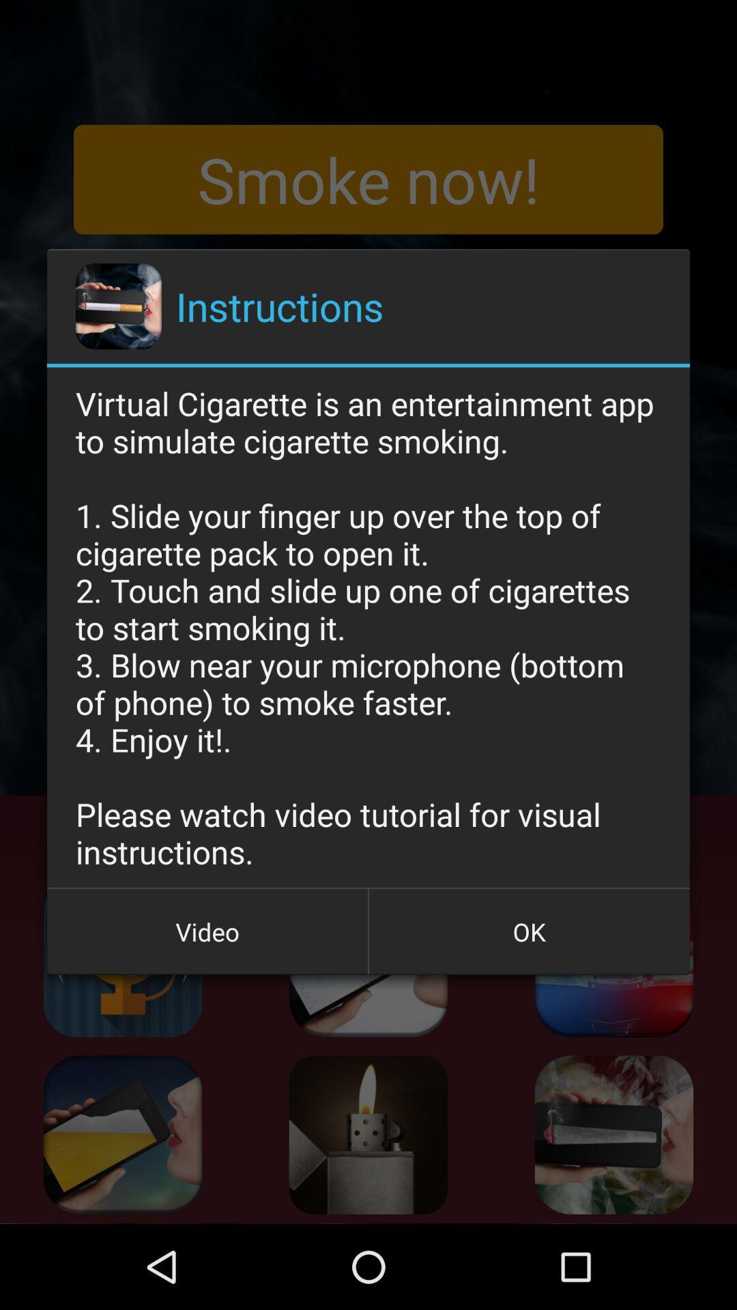 Image resolution: width=737 pixels, height=1310 pixels. Describe the element at coordinates (207, 931) in the screenshot. I see `item to the left of the ok button` at that location.